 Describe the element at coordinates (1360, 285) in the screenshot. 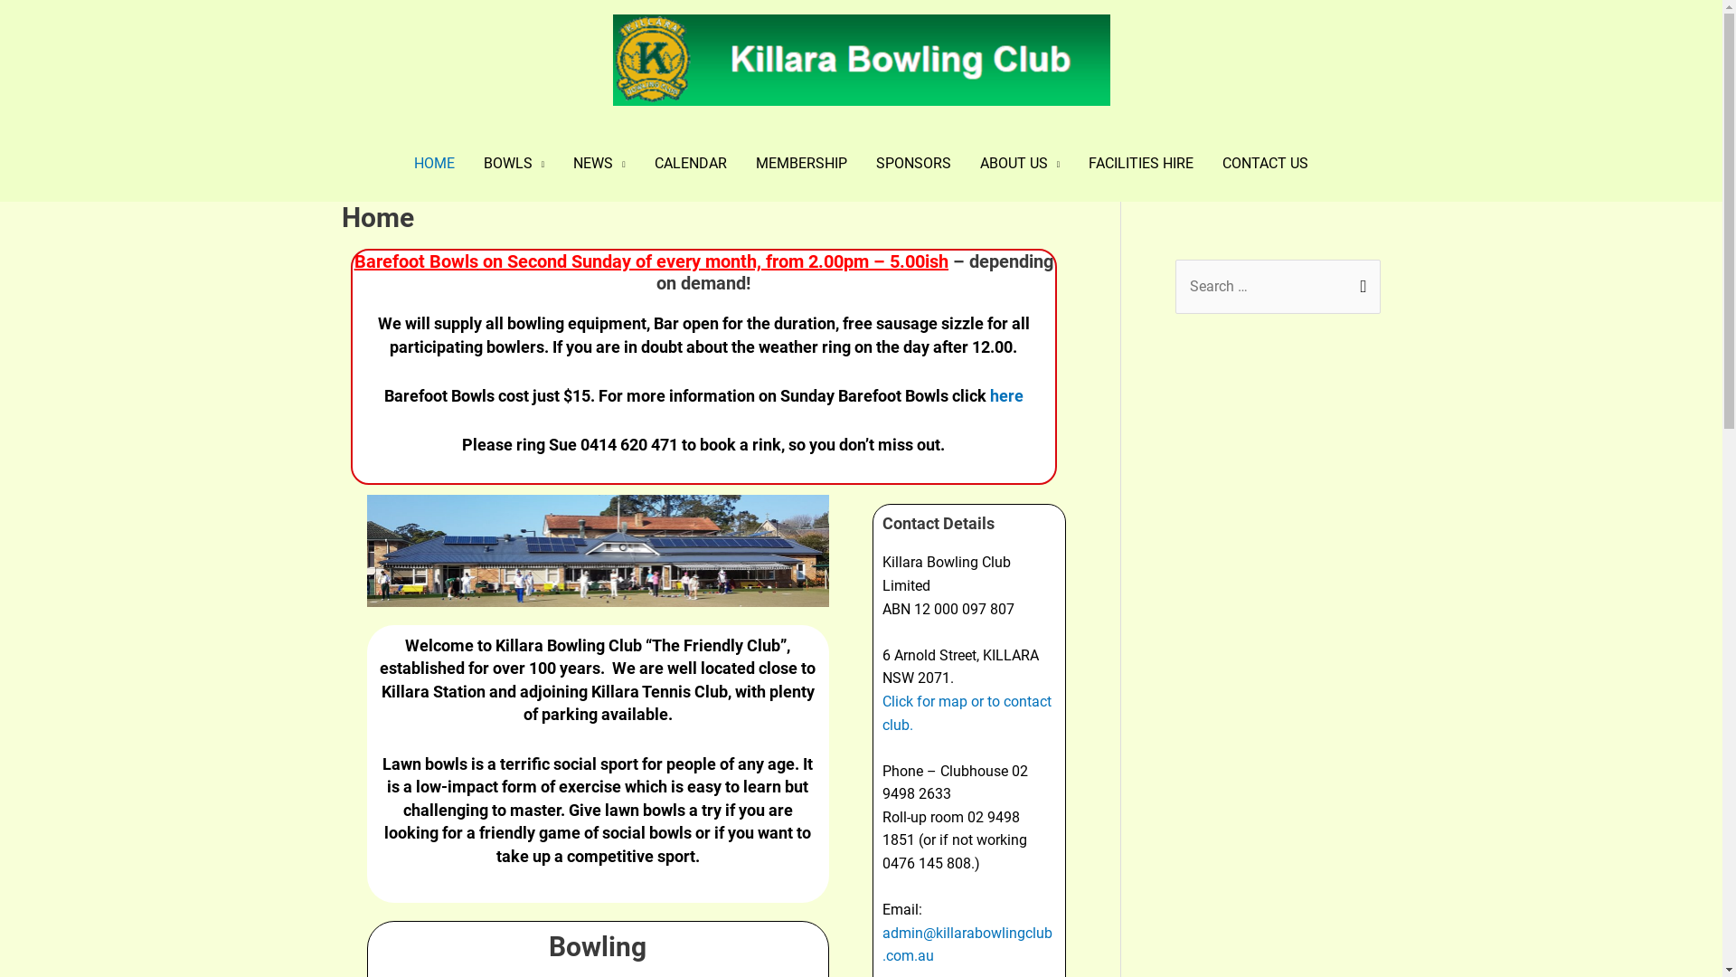

I see `'Search'` at that location.